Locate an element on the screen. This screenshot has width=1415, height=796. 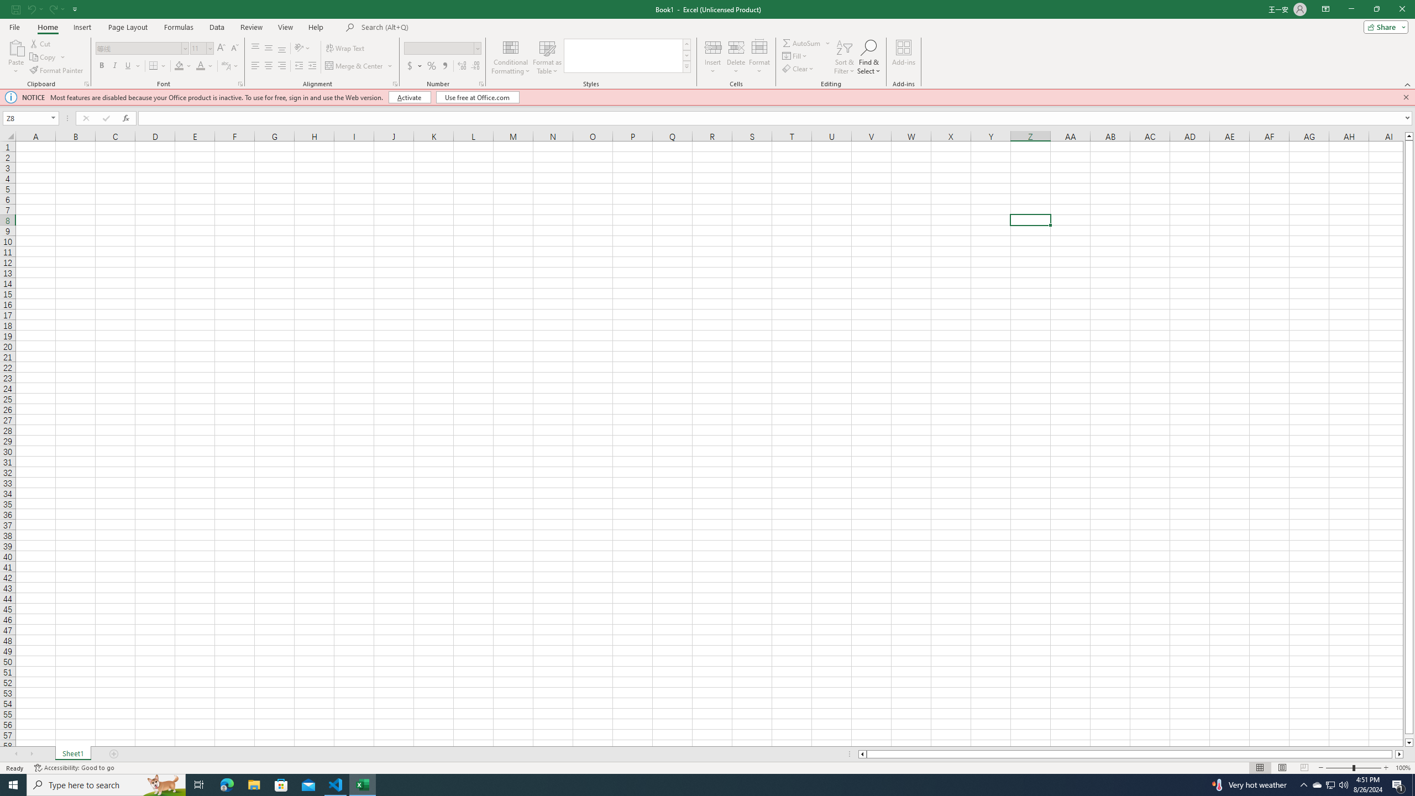
'AutomationID: CellStylesGallery' is located at coordinates (627, 55).